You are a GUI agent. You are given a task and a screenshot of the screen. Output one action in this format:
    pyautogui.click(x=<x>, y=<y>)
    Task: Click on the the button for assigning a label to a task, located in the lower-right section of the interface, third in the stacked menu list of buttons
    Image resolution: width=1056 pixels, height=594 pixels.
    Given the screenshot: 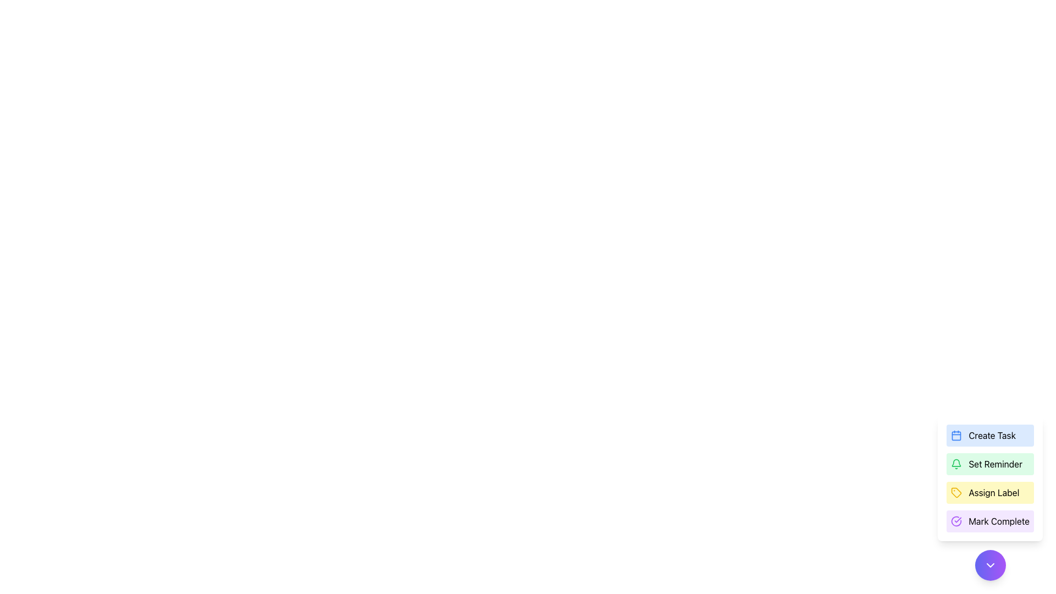 What is the action you would take?
    pyautogui.click(x=990, y=478)
    